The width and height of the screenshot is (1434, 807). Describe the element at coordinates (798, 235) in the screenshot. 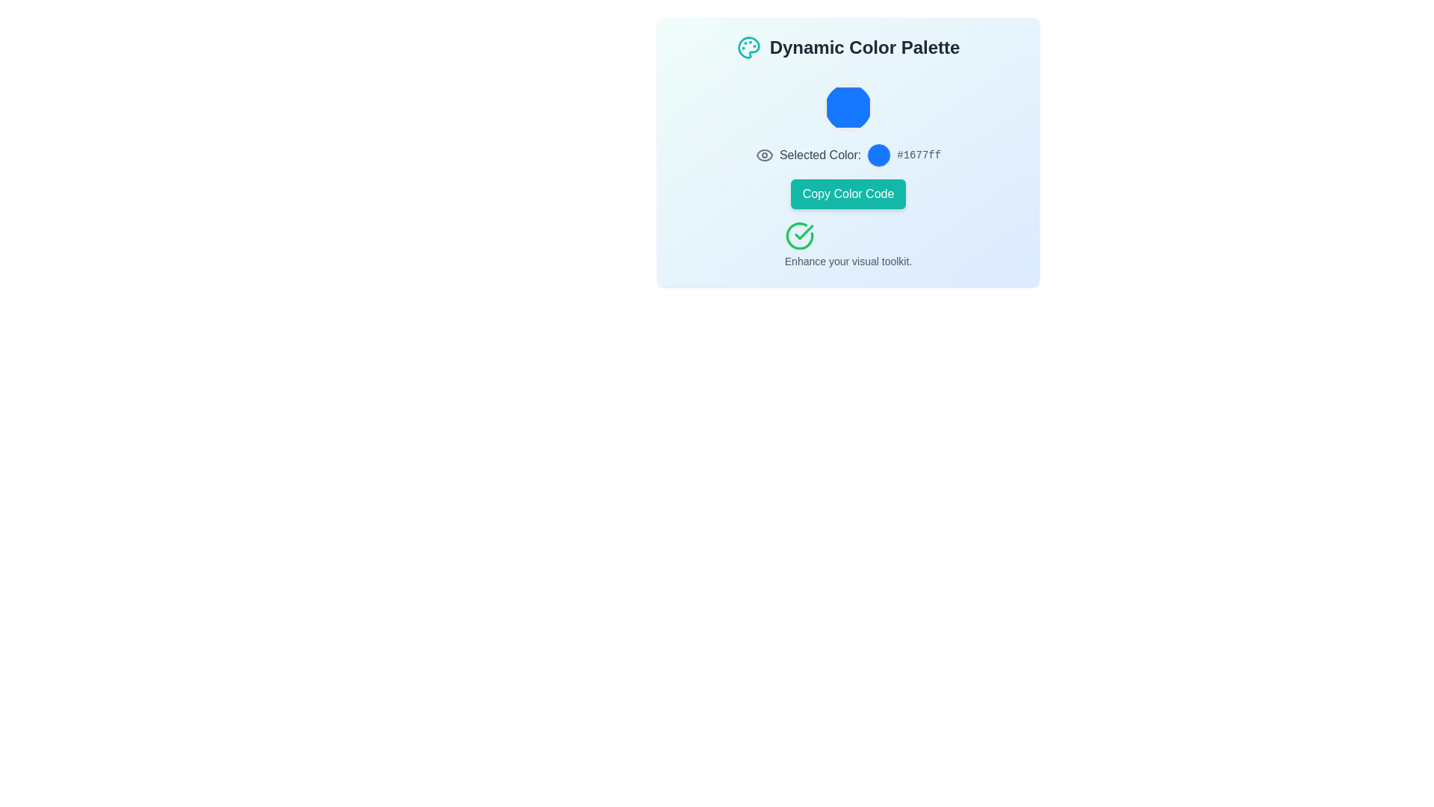

I see `the green circular check icon located at the bottom left of the 'Dynamic Color Palette' card, under the 'Copy Color Code' button and next to the text 'Enhance your visual toolkit.'` at that location.